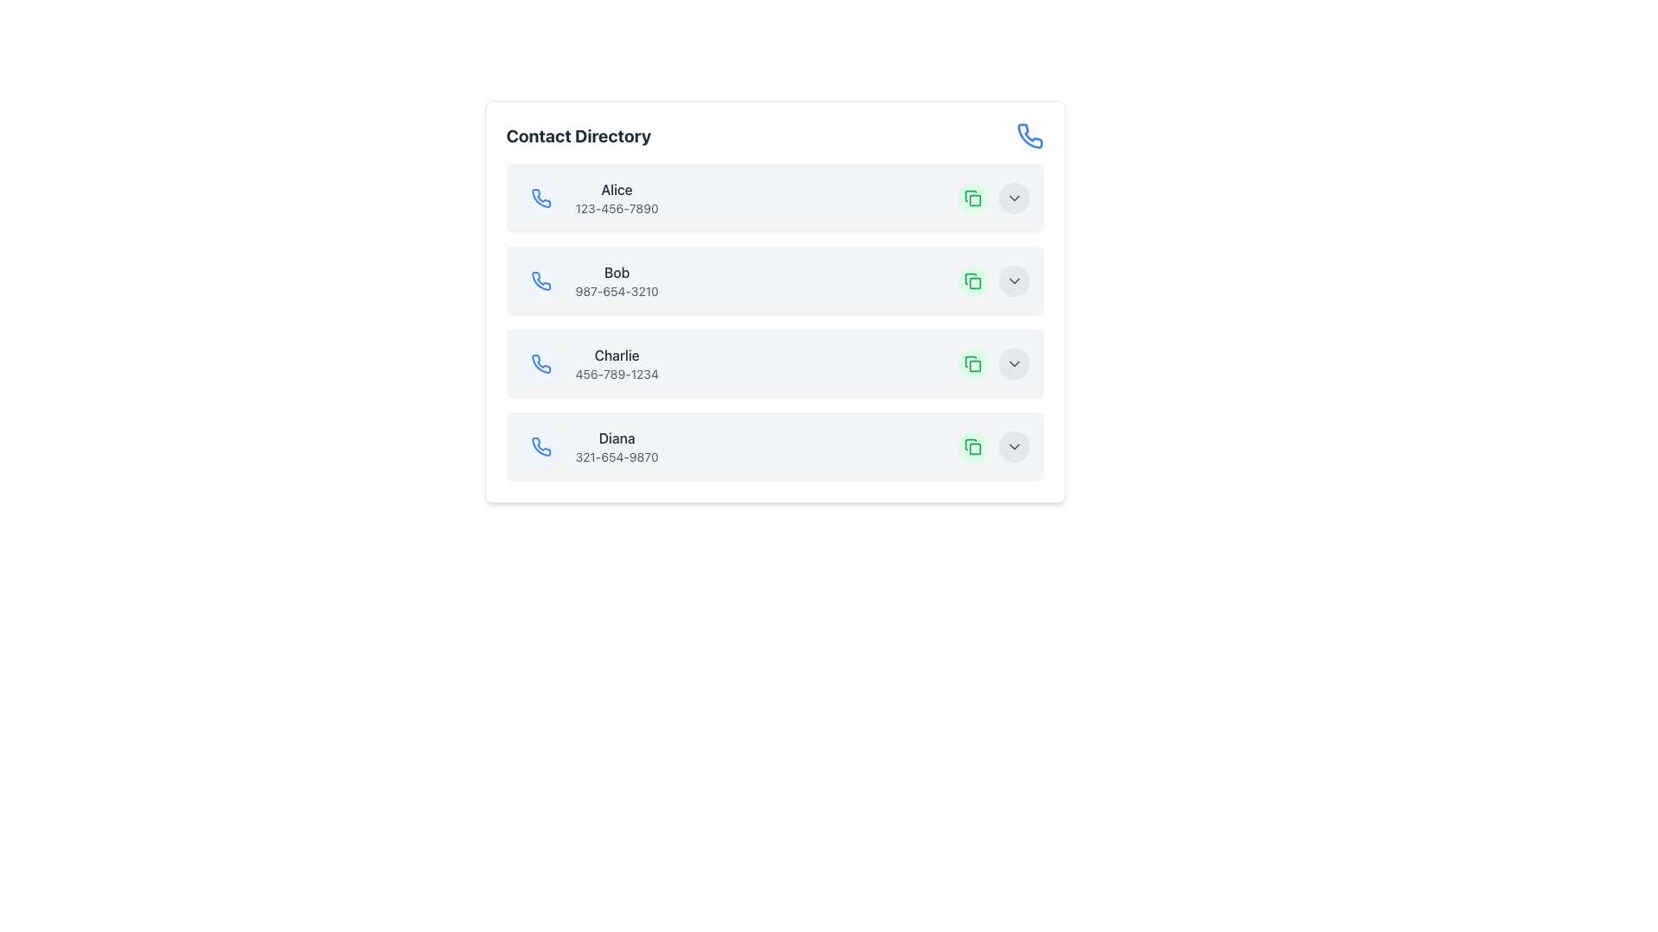  What do you see at coordinates (972, 198) in the screenshot?
I see `the green icon button shaped like a stack of rectangles associated with the contact named 'Bob'` at bounding box center [972, 198].